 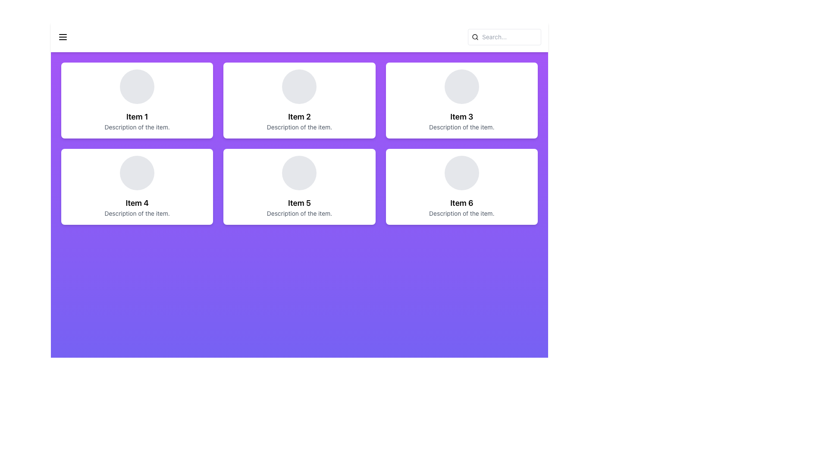 What do you see at coordinates (474, 36) in the screenshot?
I see `the decorative circular element of the search icon located in the top-right corner of the interface` at bounding box center [474, 36].